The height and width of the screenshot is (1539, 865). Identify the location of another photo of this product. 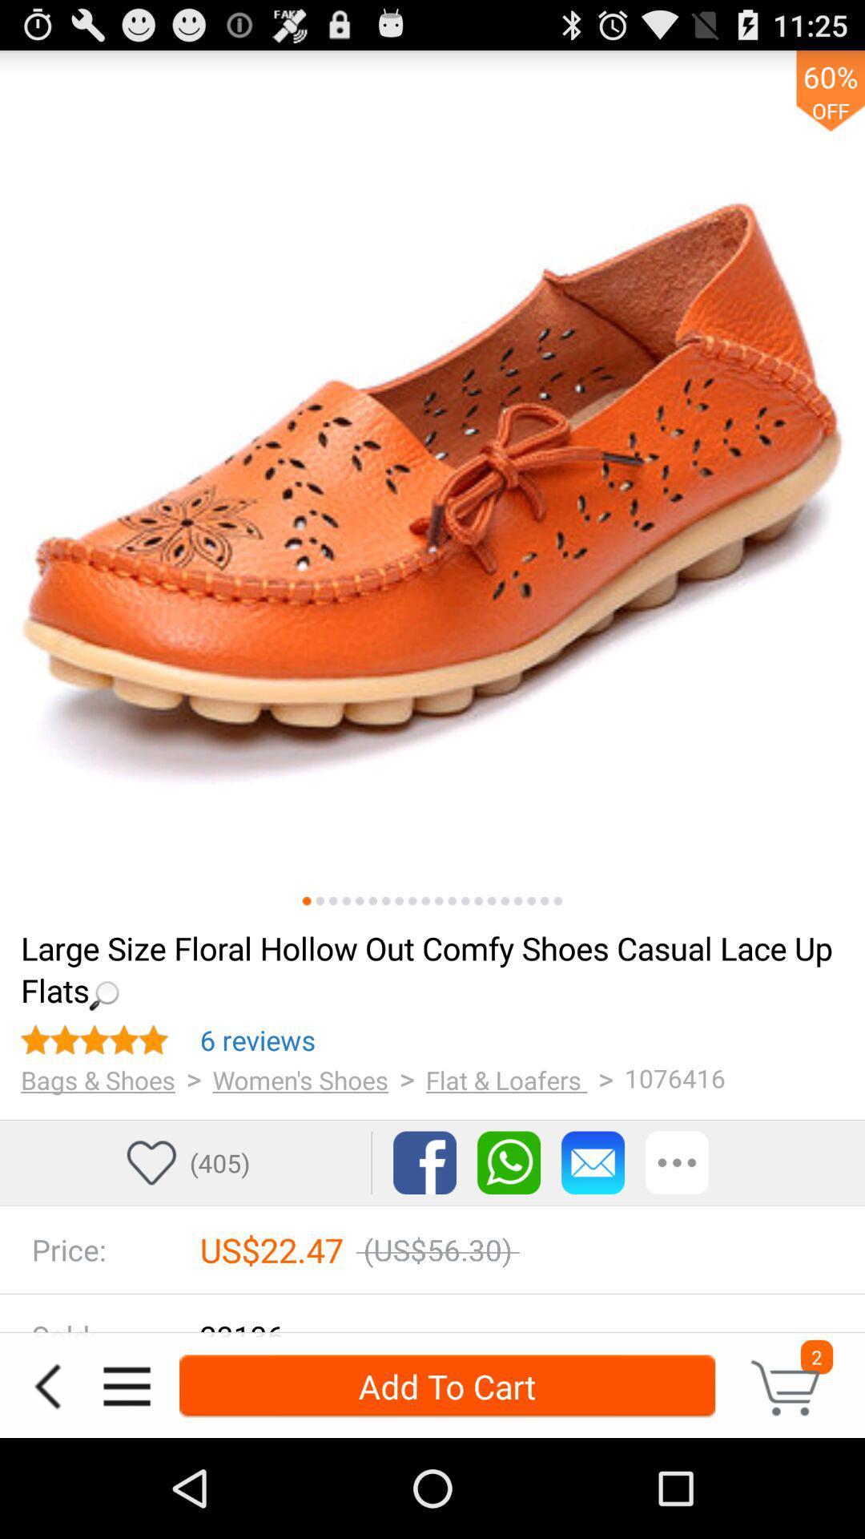
(412, 901).